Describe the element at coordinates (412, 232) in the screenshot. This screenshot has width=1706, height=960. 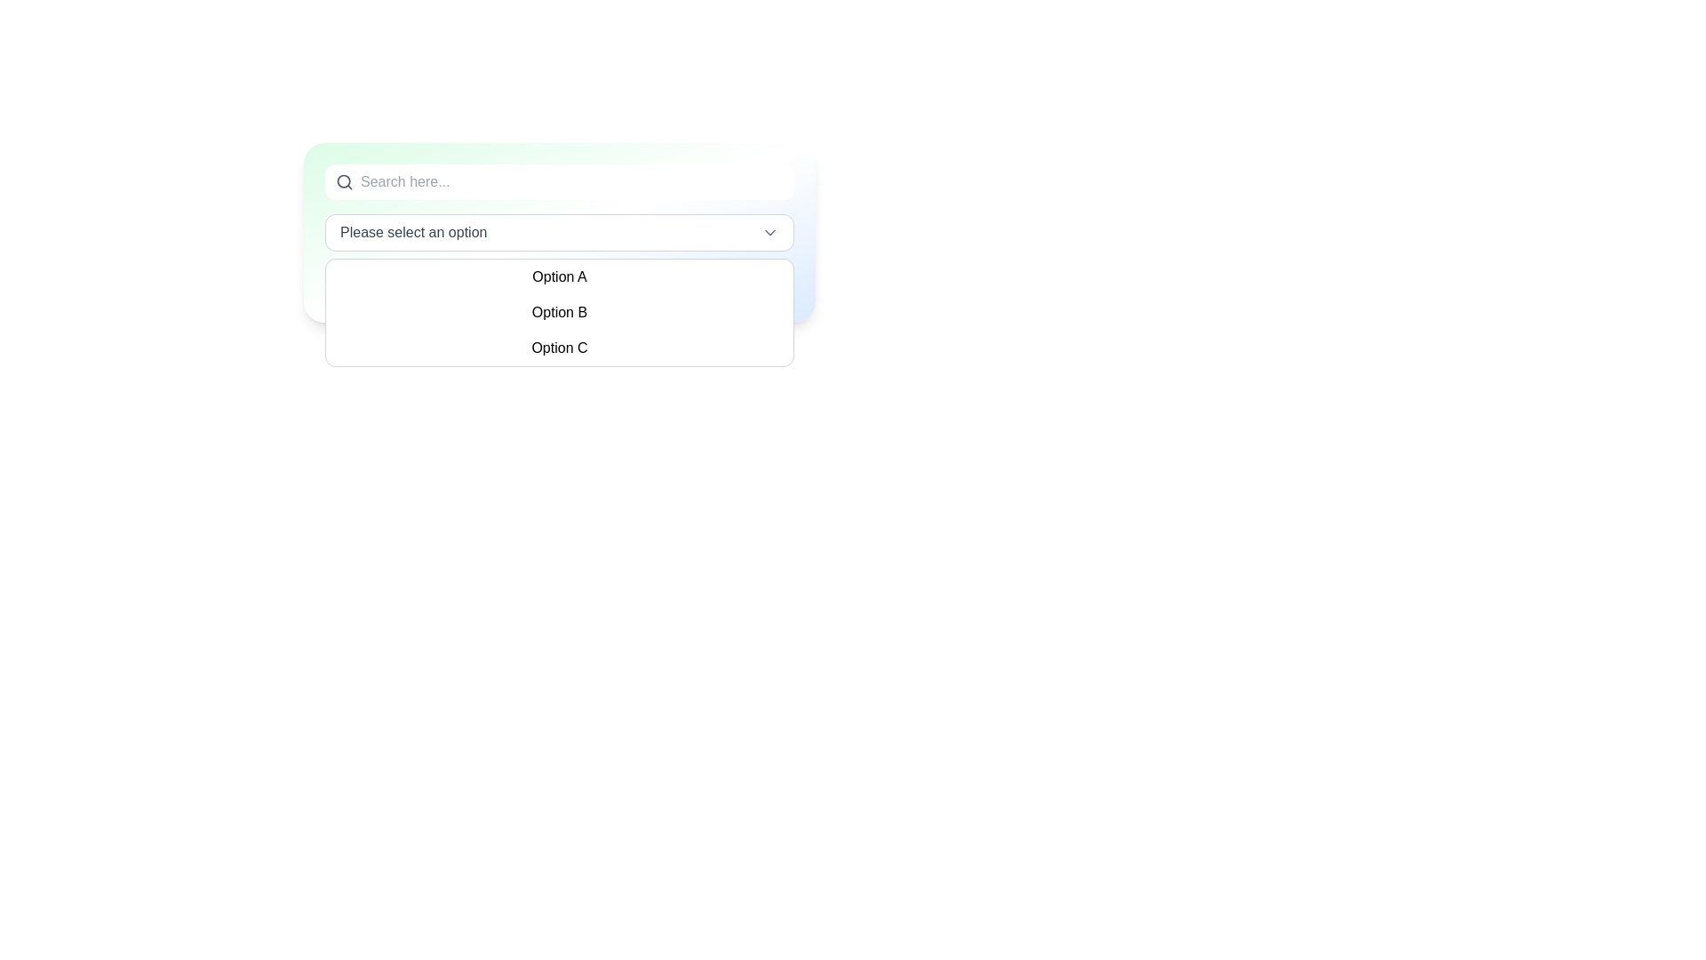
I see `the placeholder text within the dropdown field that guides the user to make a selection` at that location.